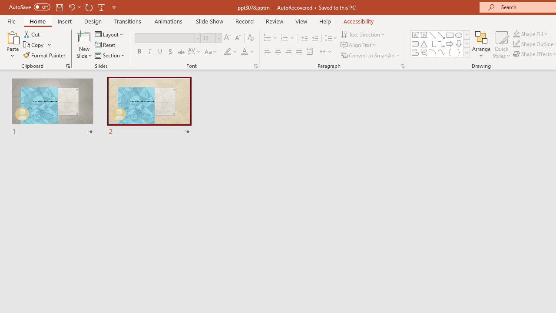  What do you see at coordinates (288, 52) in the screenshot?
I see `'Align Right'` at bounding box center [288, 52].